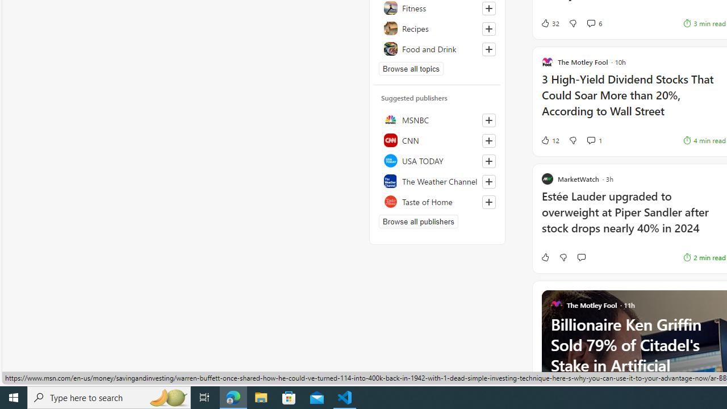 This screenshot has height=409, width=727. What do you see at coordinates (581, 257) in the screenshot?
I see `'Start the conversation'` at bounding box center [581, 257].